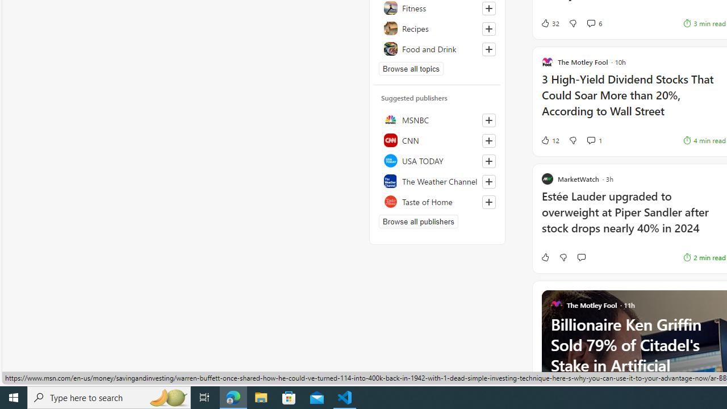 This screenshot has height=409, width=727. What do you see at coordinates (581, 257) in the screenshot?
I see `'Start the conversation'` at bounding box center [581, 257].